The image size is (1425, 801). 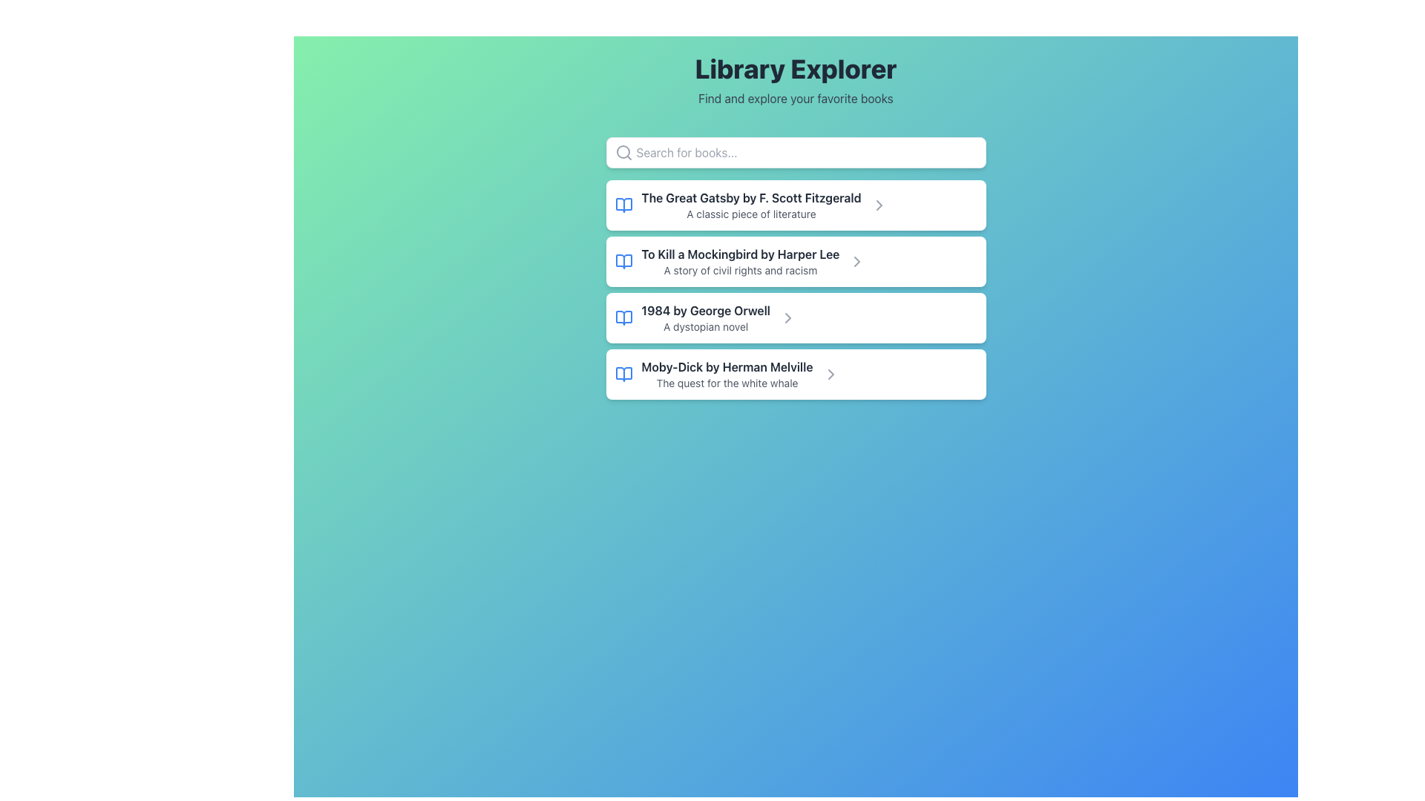 What do you see at coordinates (623, 374) in the screenshot?
I see `the decorative icon representing the book 'Moby-Dick', located at the top-left corner of the card, immediately left of the book's textual details` at bounding box center [623, 374].